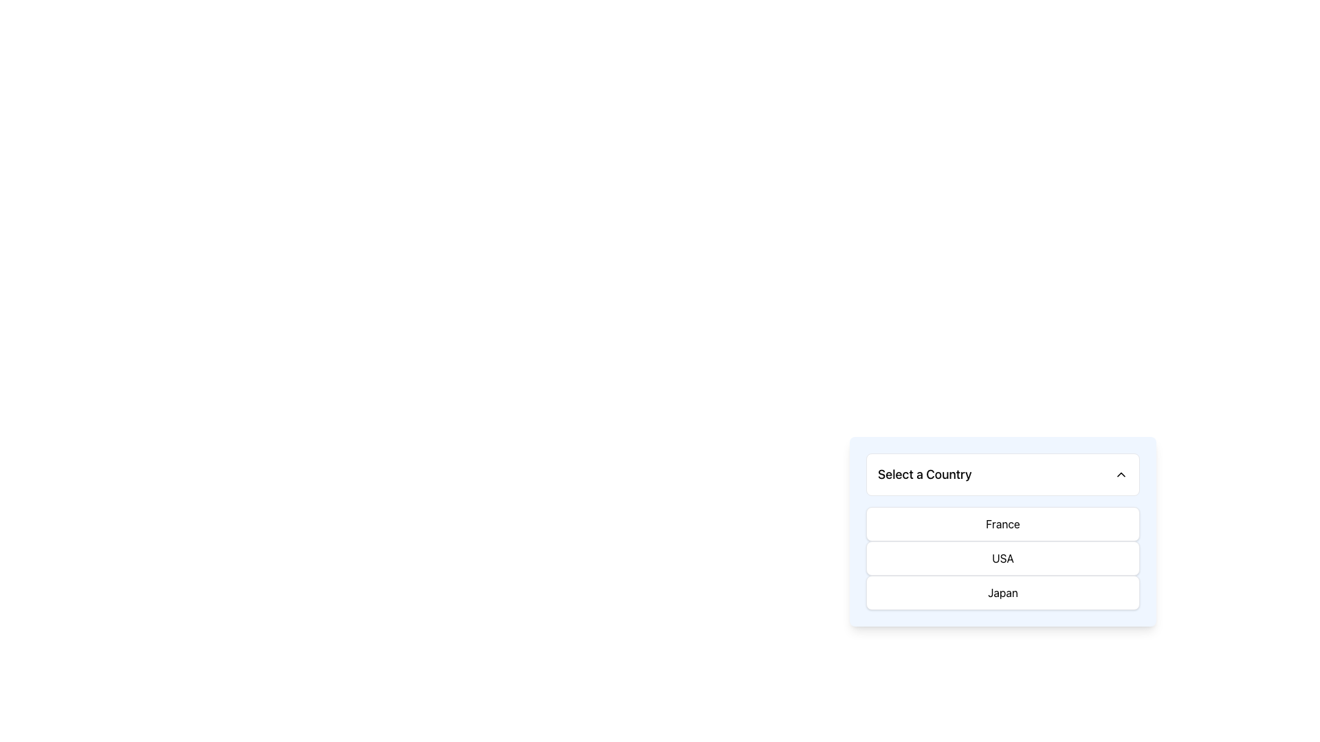 This screenshot has width=1320, height=742. What do you see at coordinates (1003, 524) in the screenshot?
I see `the rectangular white button labeled 'France'` at bounding box center [1003, 524].